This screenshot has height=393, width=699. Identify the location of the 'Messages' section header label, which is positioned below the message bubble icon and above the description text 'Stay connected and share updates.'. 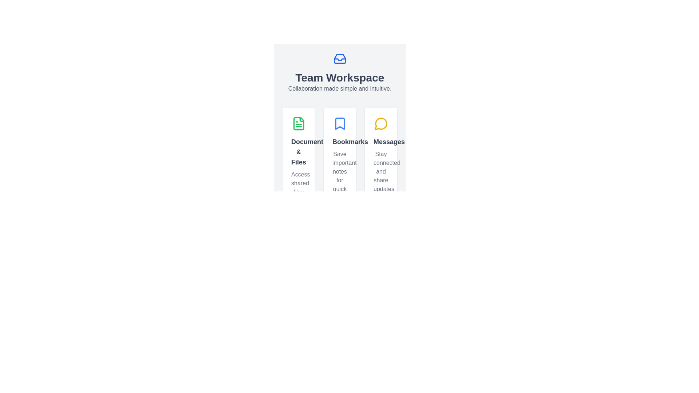
(380, 142).